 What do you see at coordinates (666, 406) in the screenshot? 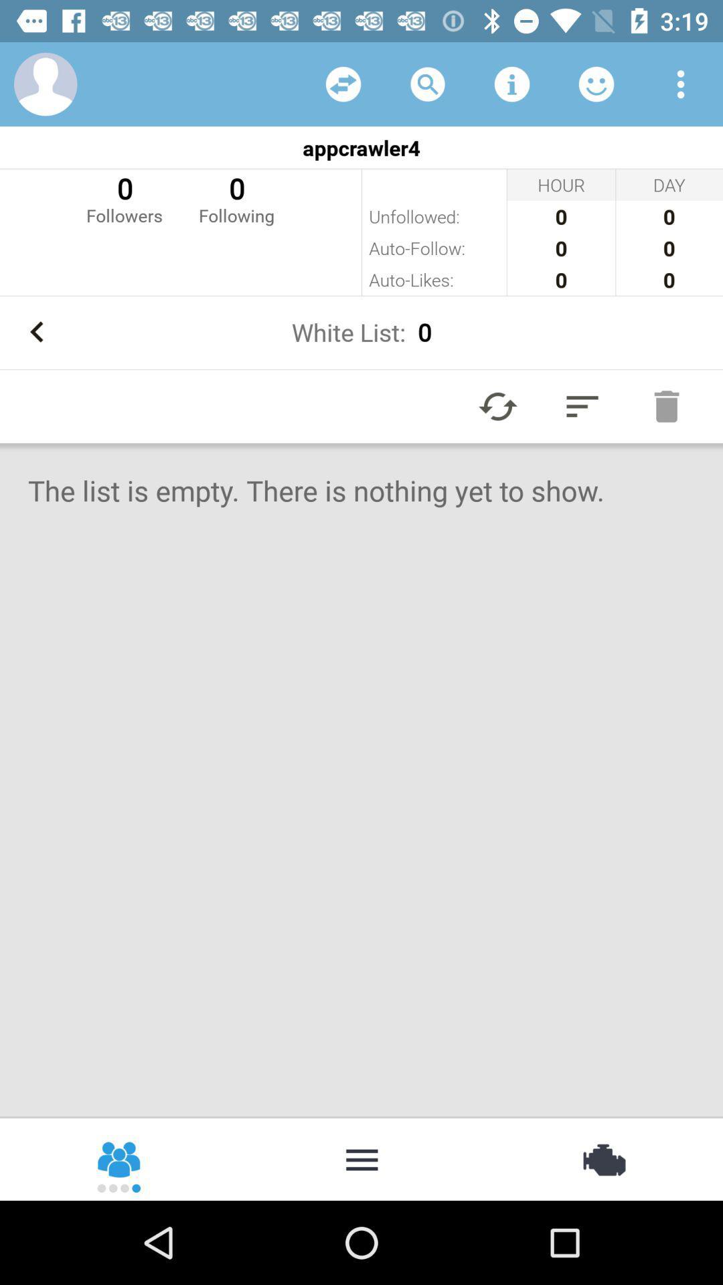
I see `remove from list` at bounding box center [666, 406].